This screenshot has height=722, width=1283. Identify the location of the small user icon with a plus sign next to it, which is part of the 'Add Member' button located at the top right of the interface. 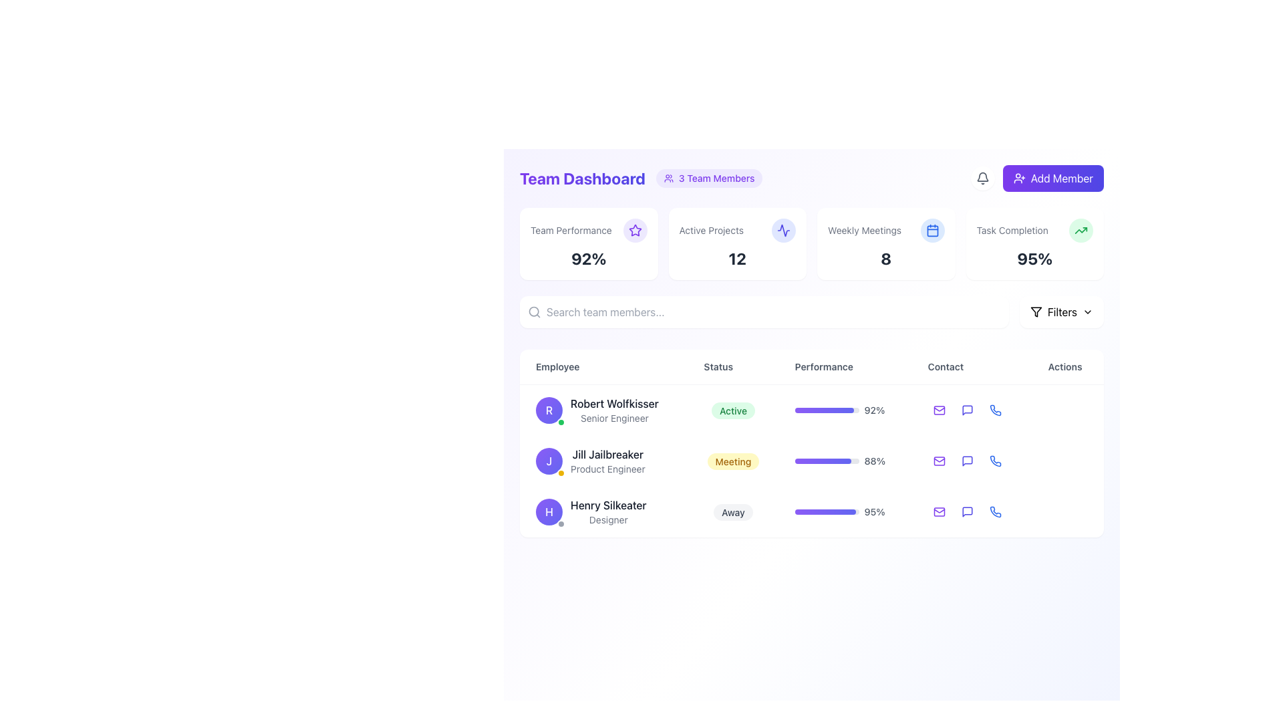
(1018, 177).